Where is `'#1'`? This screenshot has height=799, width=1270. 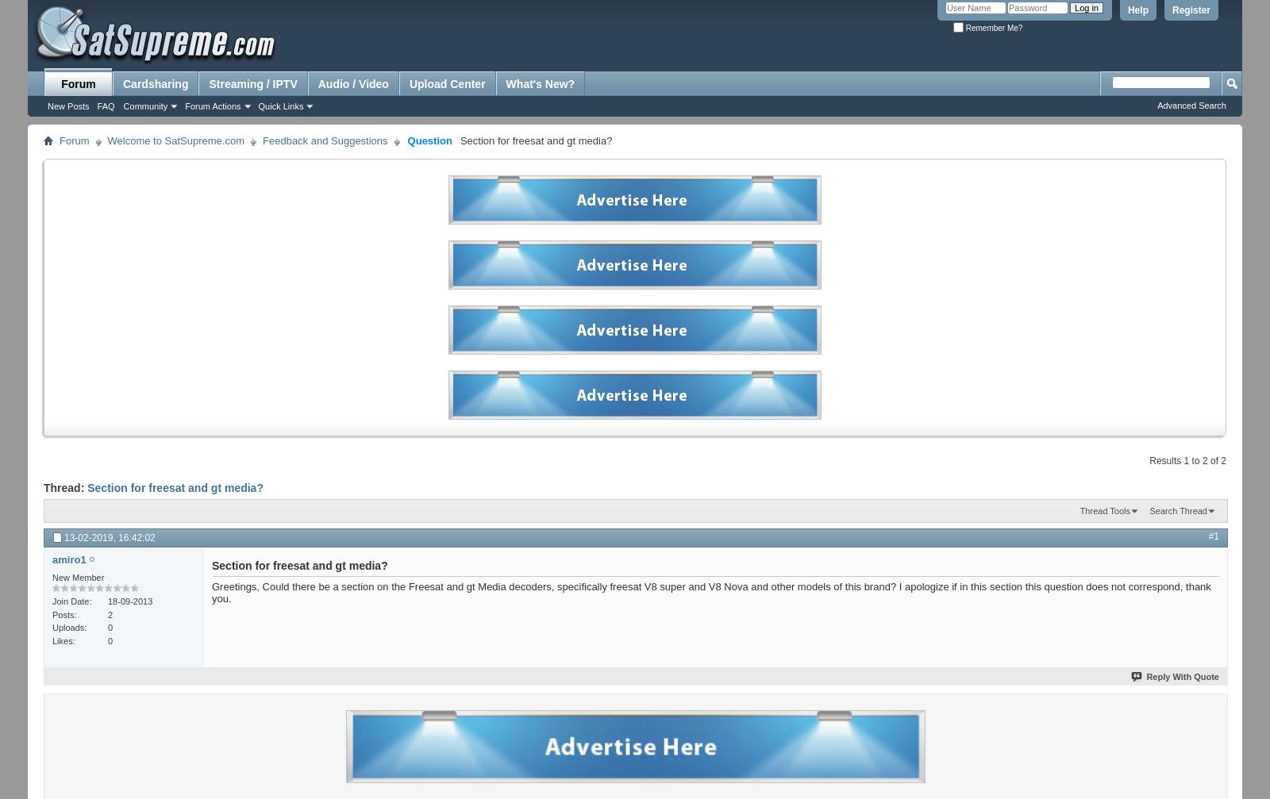
'#1' is located at coordinates (1213, 534).